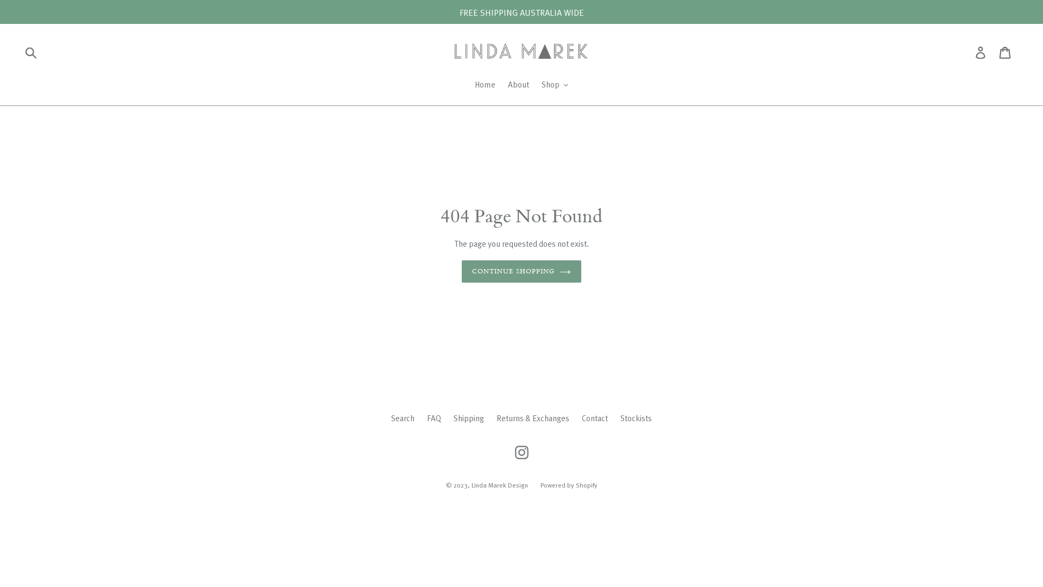 This screenshot has height=587, width=1043. Describe the element at coordinates (495, 417) in the screenshot. I see `'Returns & Exchanges'` at that location.